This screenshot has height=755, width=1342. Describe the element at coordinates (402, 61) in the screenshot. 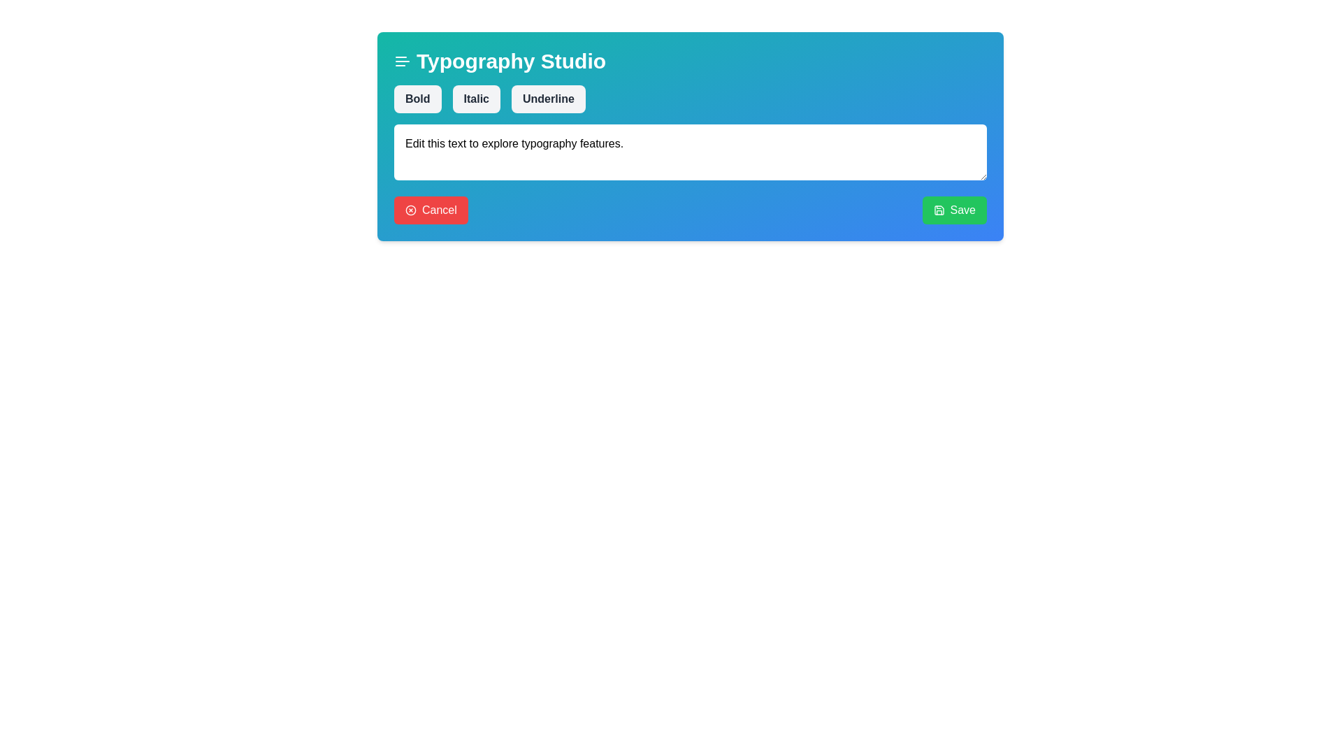

I see `the typography icon located in the header block labeled 'Typography Studio', which serves as a visual marker for the text` at that location.